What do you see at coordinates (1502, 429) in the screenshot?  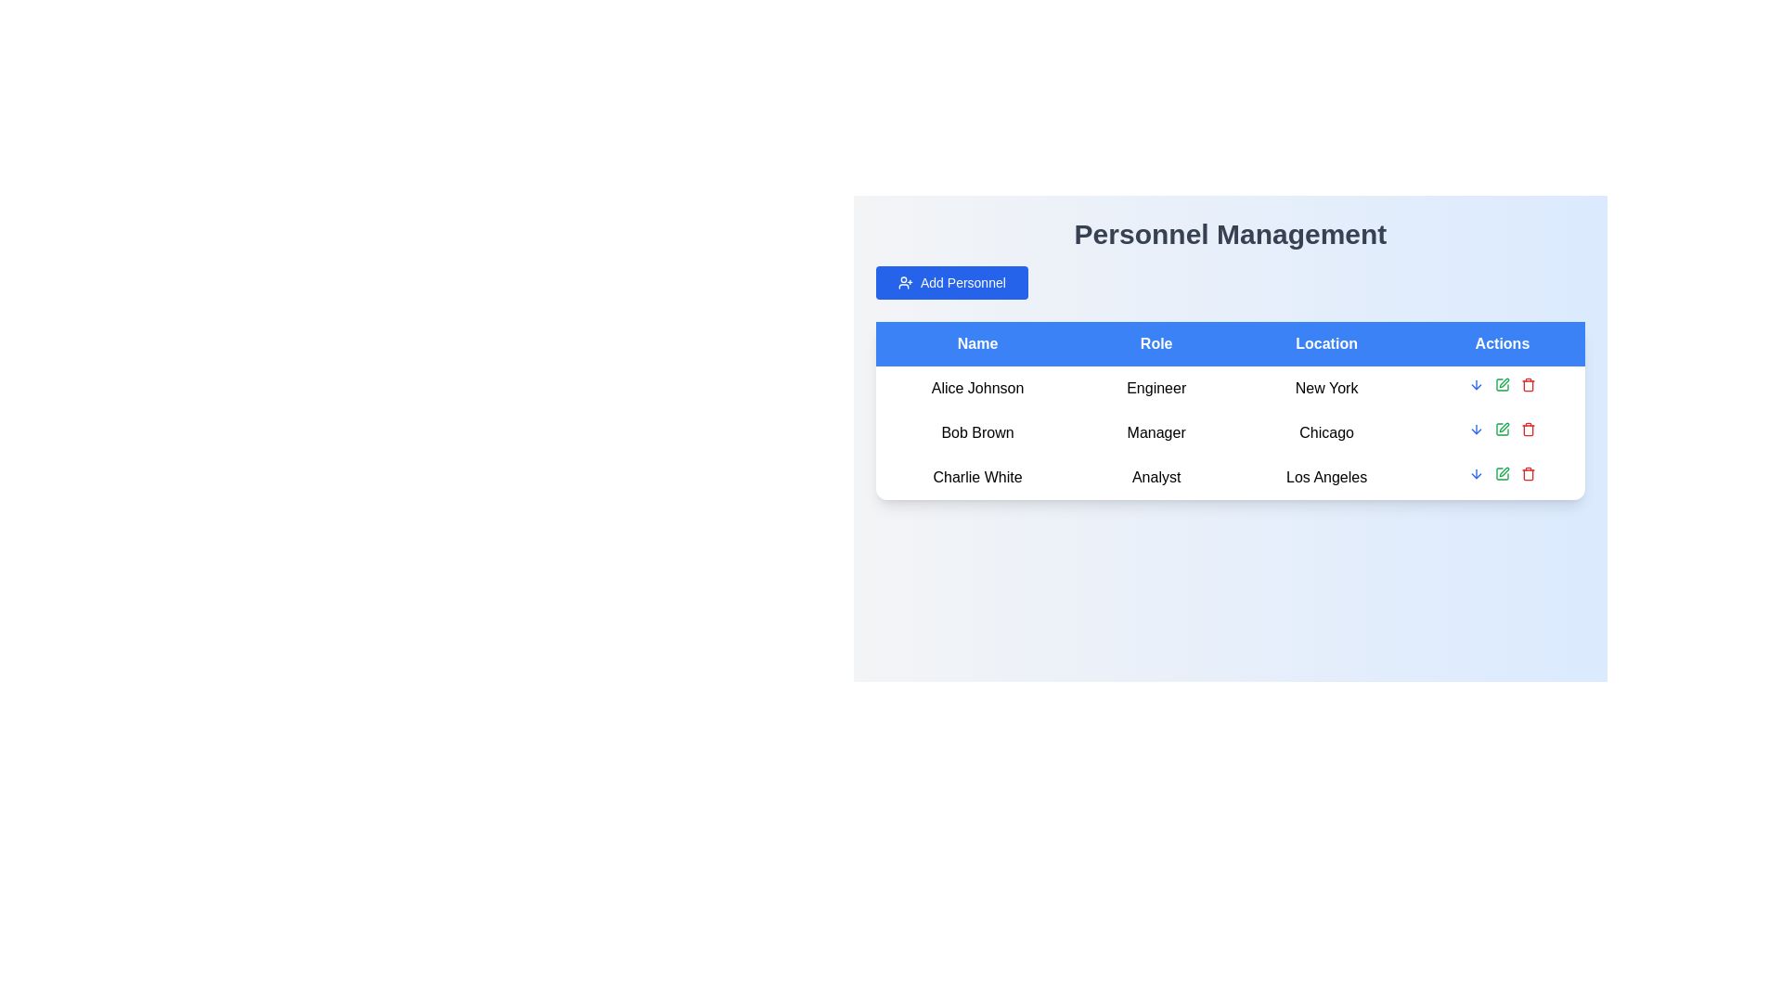 I see `the 'Edit' icon button located in the second row of the 'Actions' column of the table to initiate edit mode` at bounding box center [1502, 429].